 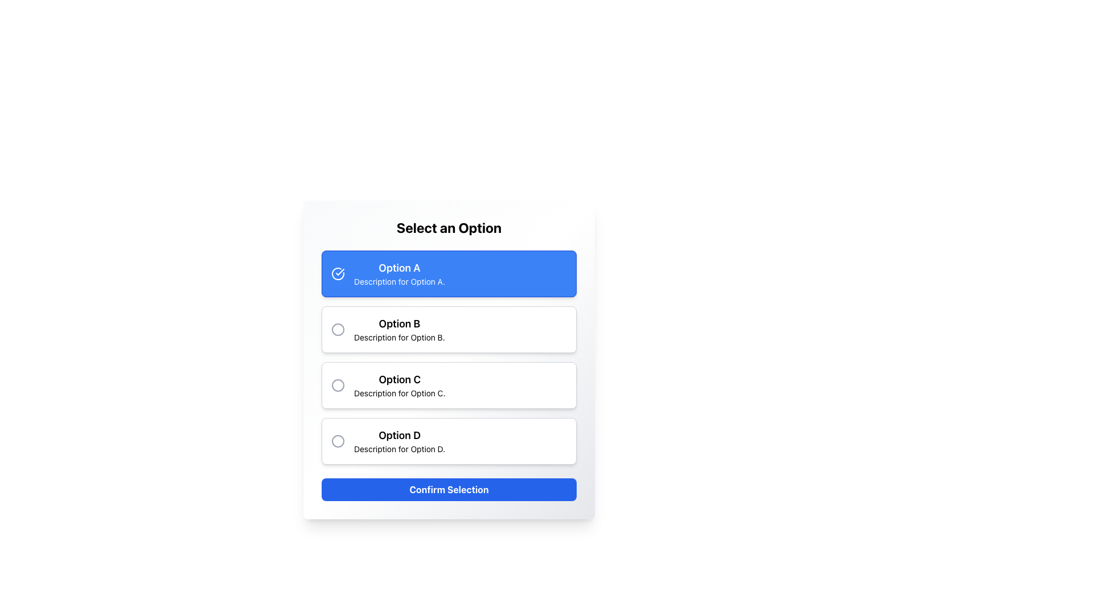 What do you see at coordinates (400, 380) in the screenshot?
I see `text label that identifies the third selectable option in the list, which is positioned below 'Option B' and above 'Option D.'` at bounding box center [400, 380].